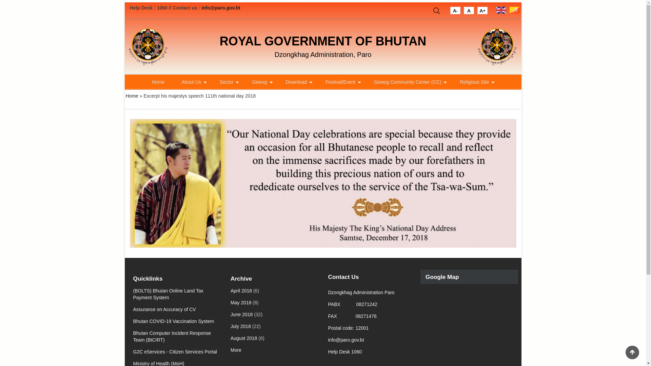 The width and height of the screenshot is (651, 366). I want to click on 'Back to Top', so click(632, 352).